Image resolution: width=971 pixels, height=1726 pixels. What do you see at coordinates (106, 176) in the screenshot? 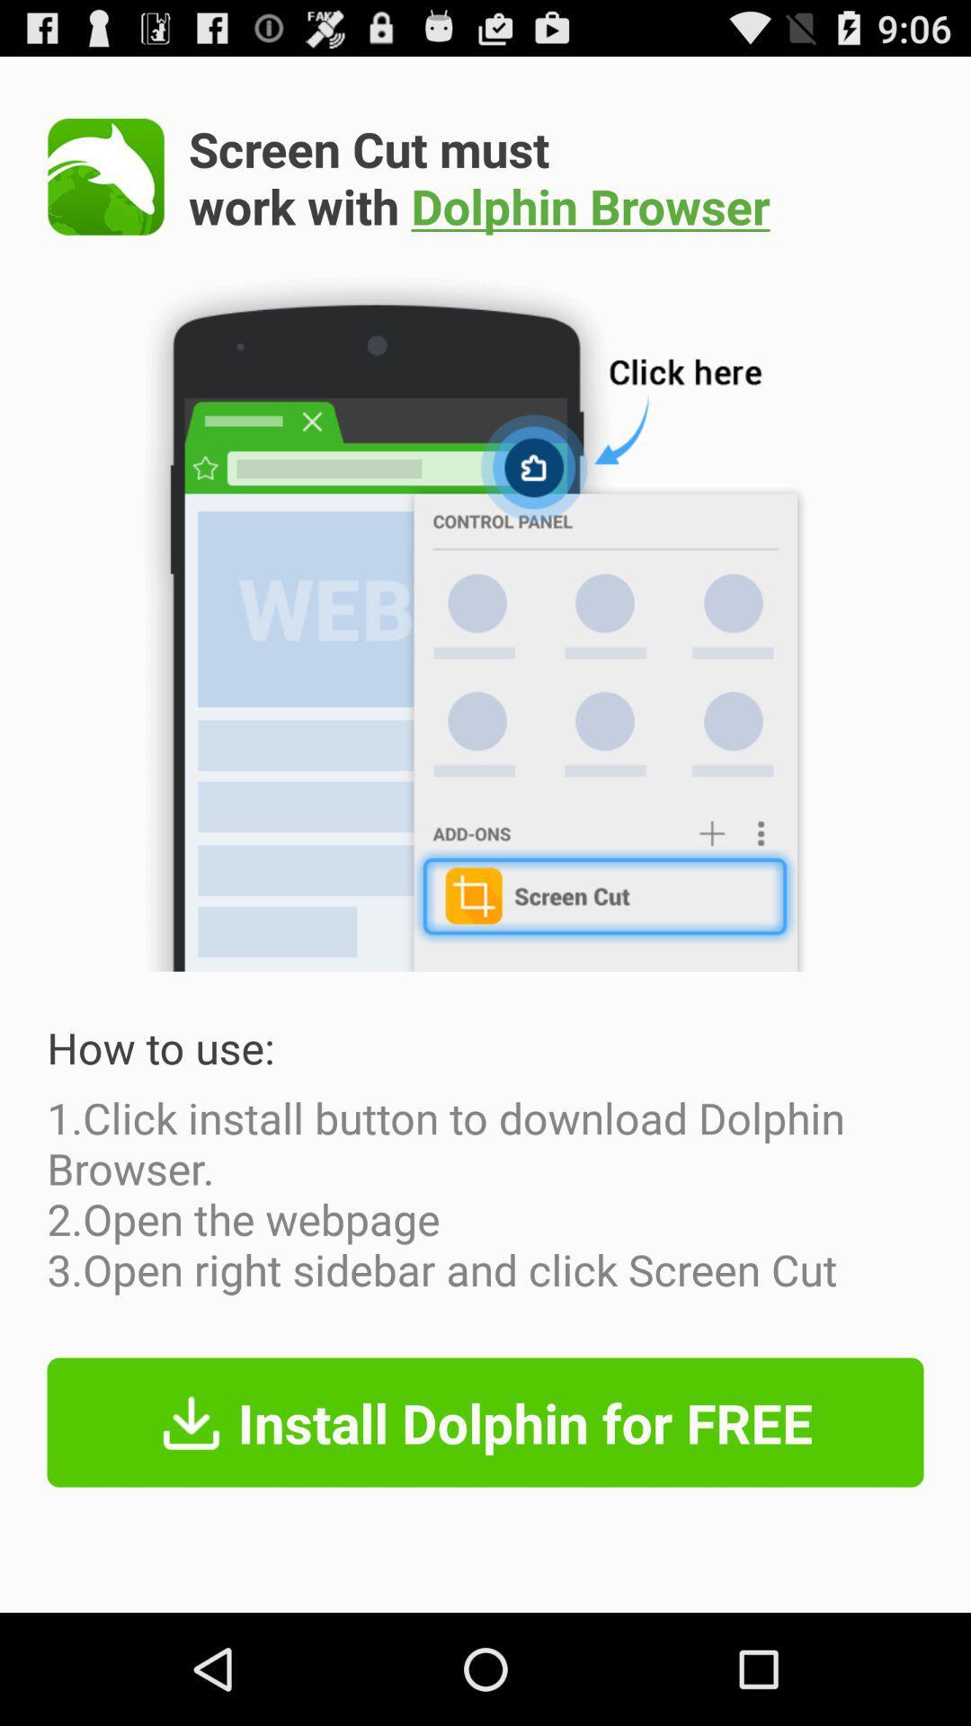
I see `the icon to the left of the screen cut must app` at bounding box center [106, 176].